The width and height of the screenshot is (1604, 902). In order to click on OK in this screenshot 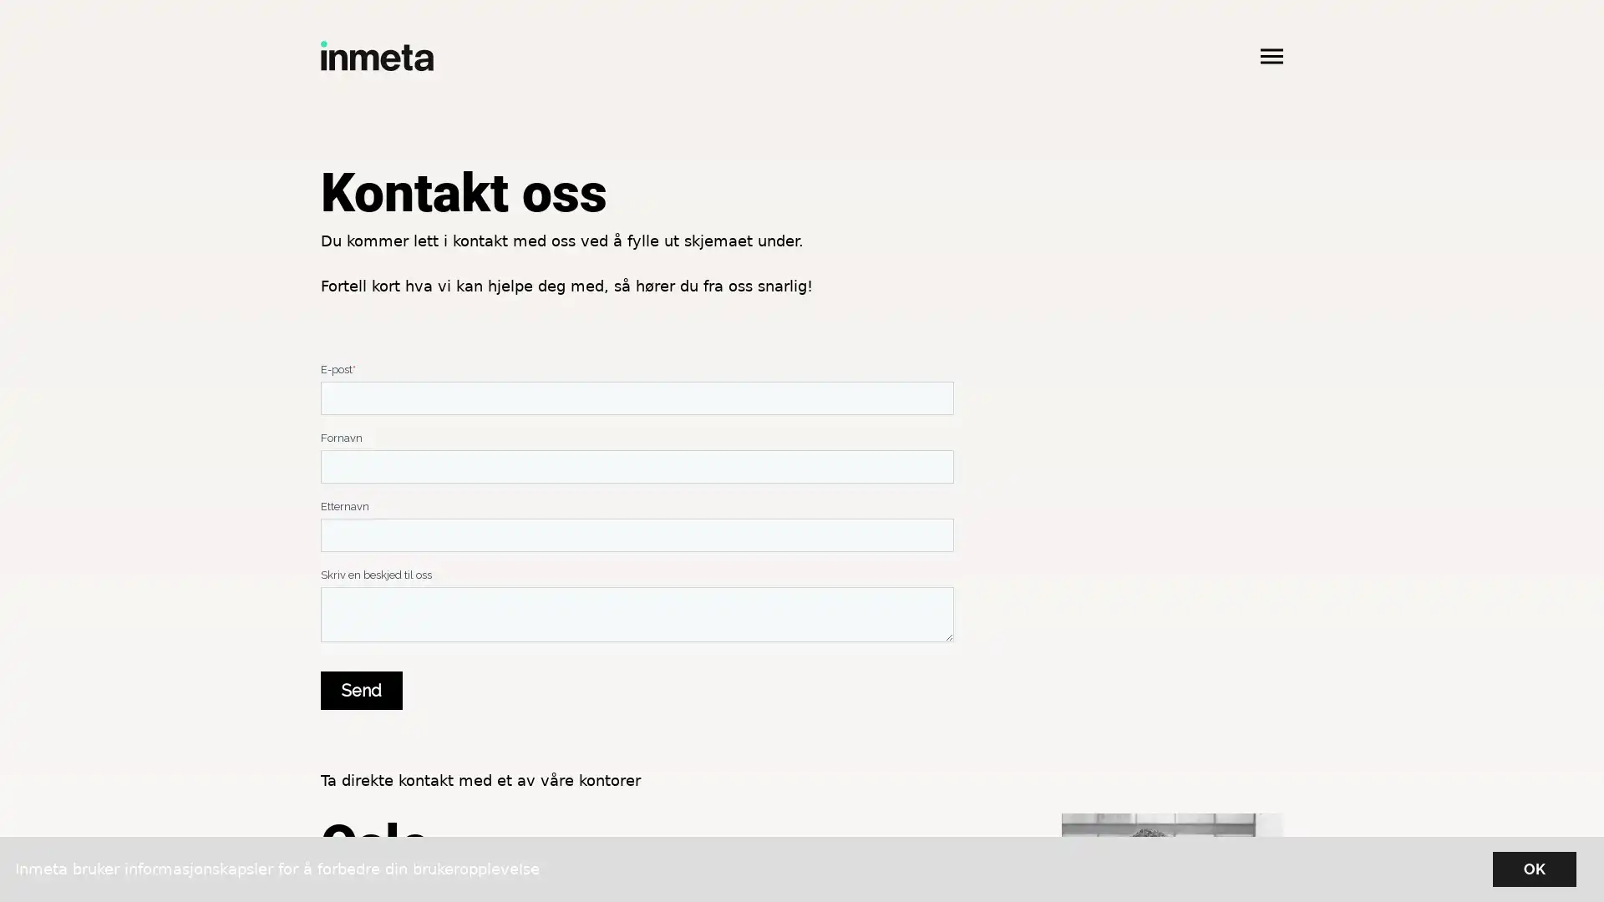, I will do `click(1535, 868)`.